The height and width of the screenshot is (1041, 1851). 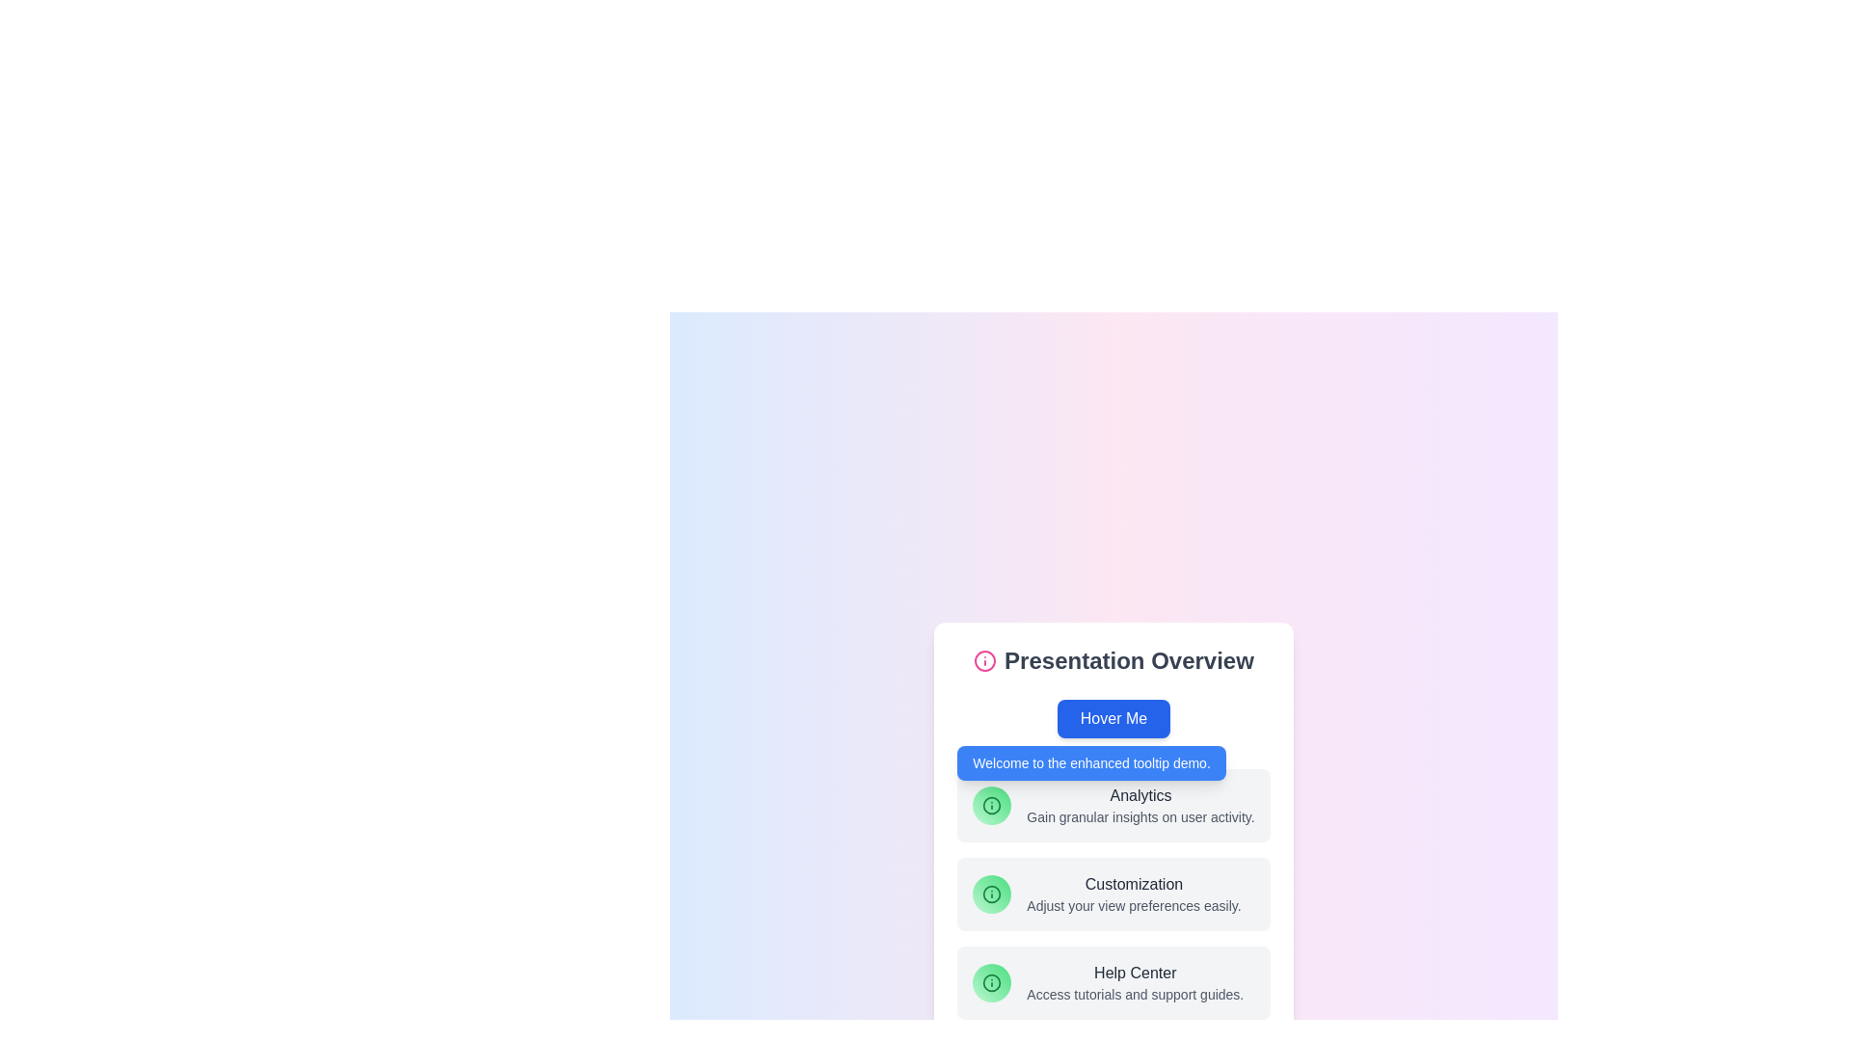 I want to click on the gray text label reading 'Access tutorials and support guides' located below the 'Help Center' text in the Help Center group, so click(x=1135, y=995).